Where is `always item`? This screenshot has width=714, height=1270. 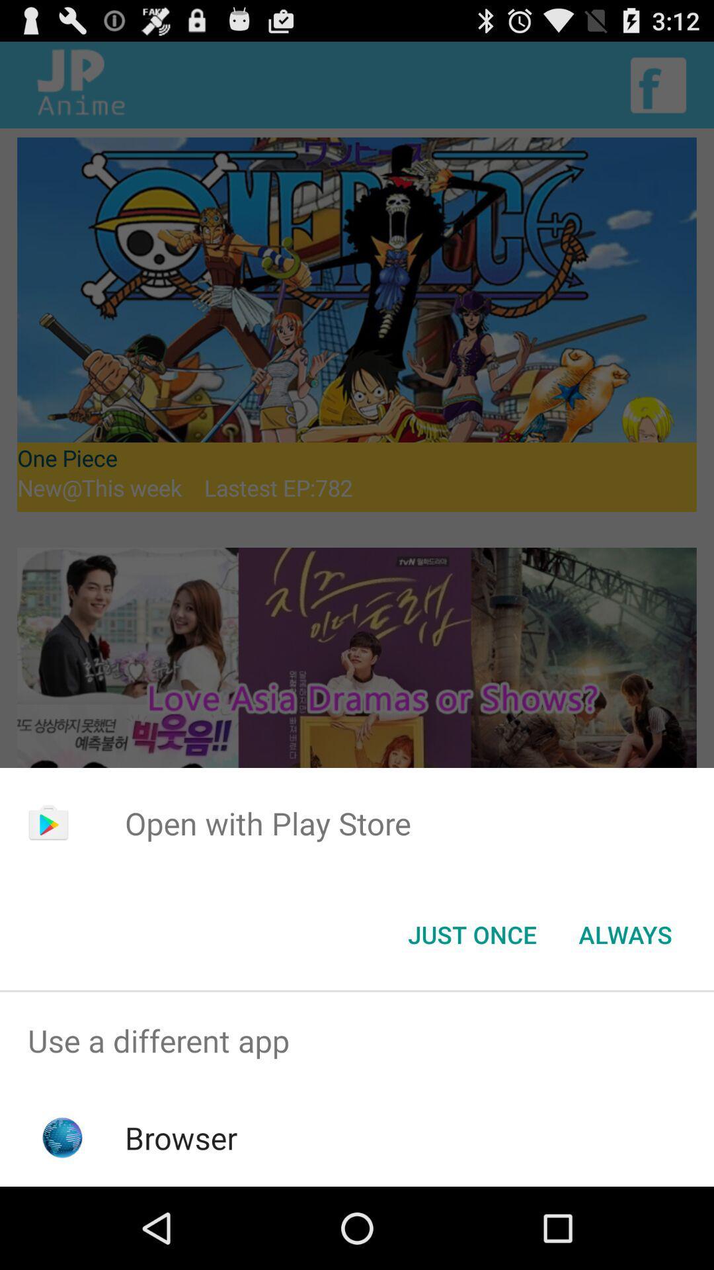
always item is located at coordinates (625, 933).